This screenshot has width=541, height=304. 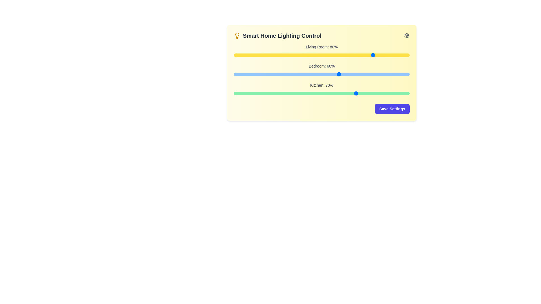 What do you see at coordinates (351, 93) in the screenshot?
I see `the Kitchen light intensity` at bounding box center [351, 93].